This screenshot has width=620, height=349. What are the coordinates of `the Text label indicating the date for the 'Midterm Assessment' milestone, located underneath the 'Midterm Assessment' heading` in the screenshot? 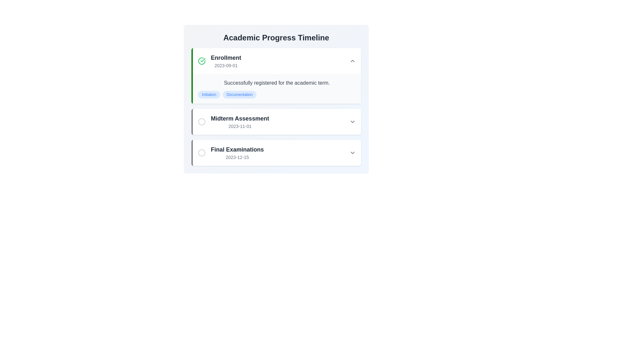 It's located at (240, 126).